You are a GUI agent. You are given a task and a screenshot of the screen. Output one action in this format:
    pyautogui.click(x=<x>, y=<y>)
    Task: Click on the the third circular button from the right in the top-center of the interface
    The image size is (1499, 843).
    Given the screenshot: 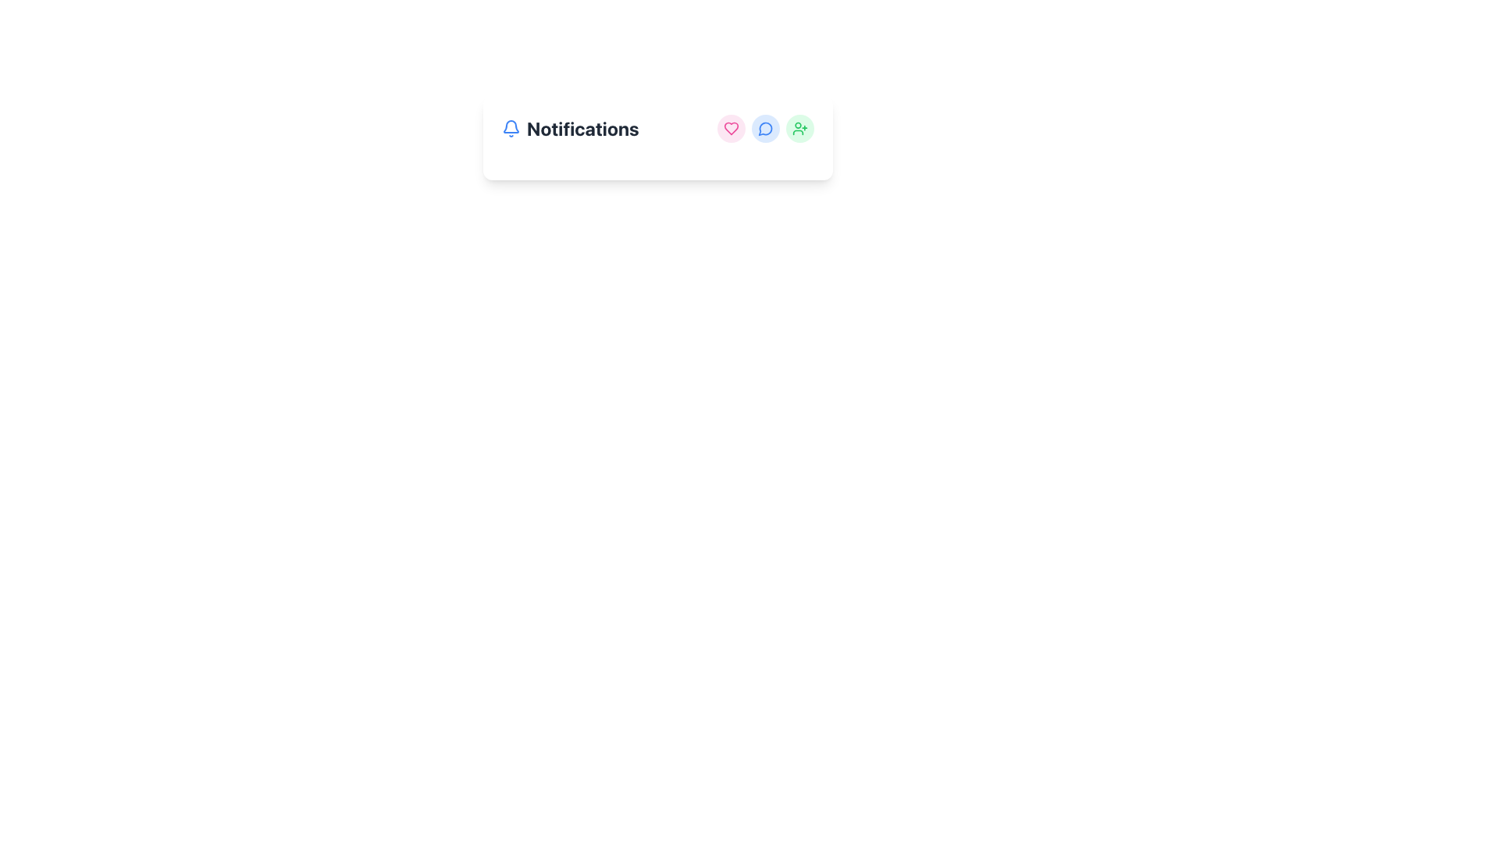 What is the action you would take?
    pyautogui.click(x=800, y=128)
    